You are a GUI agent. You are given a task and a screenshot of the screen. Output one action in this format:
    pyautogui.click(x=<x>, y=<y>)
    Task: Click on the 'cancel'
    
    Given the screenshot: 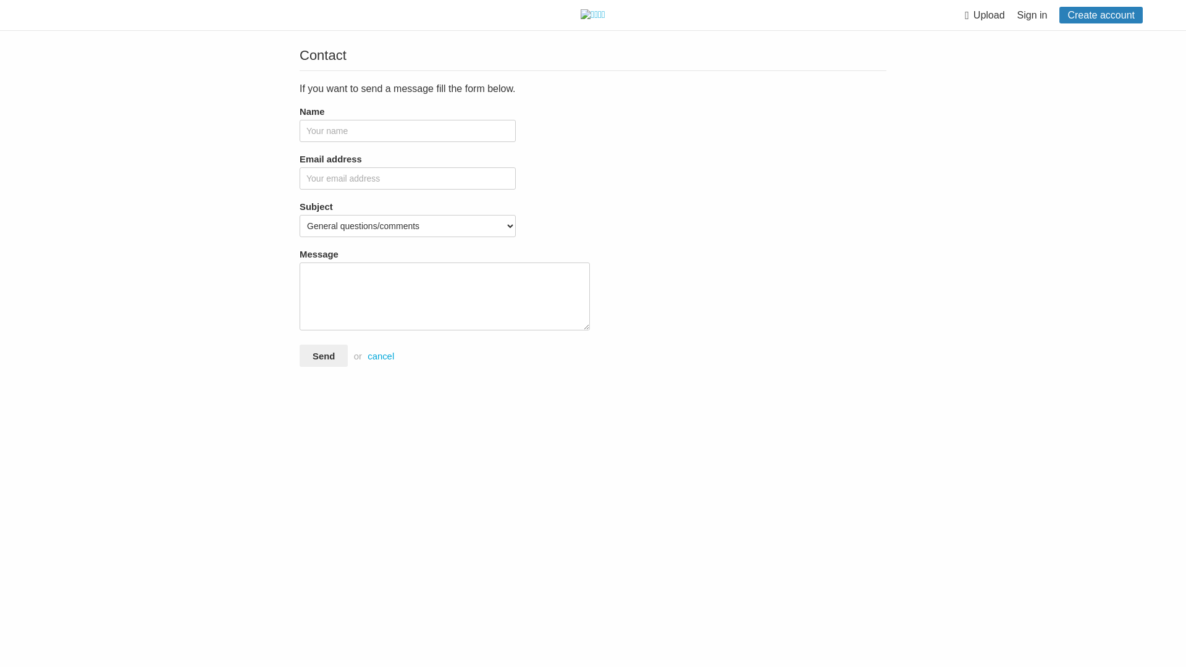 What is the action you would take?
    pyautogui.click(x=380, y=356)
    